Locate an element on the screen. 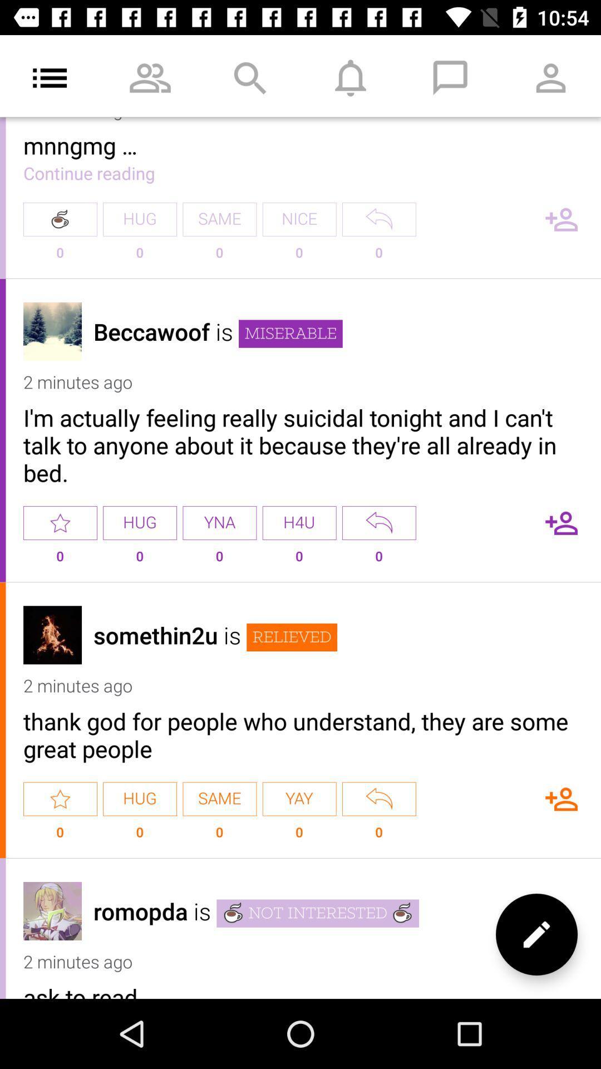 This screenshot has height=1069, width=601. the edit icon is located at coordinates (536, 934).